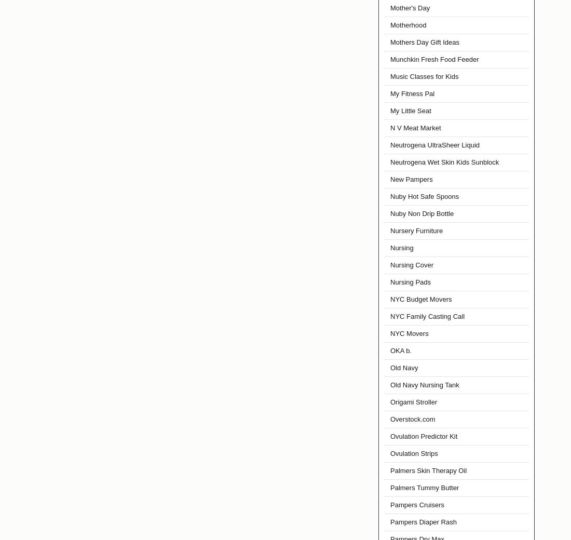  What do you see at coordinates (415, 128) in the screenshot?
I see `'N V Meat Market'` at bounding box center [415, 128].